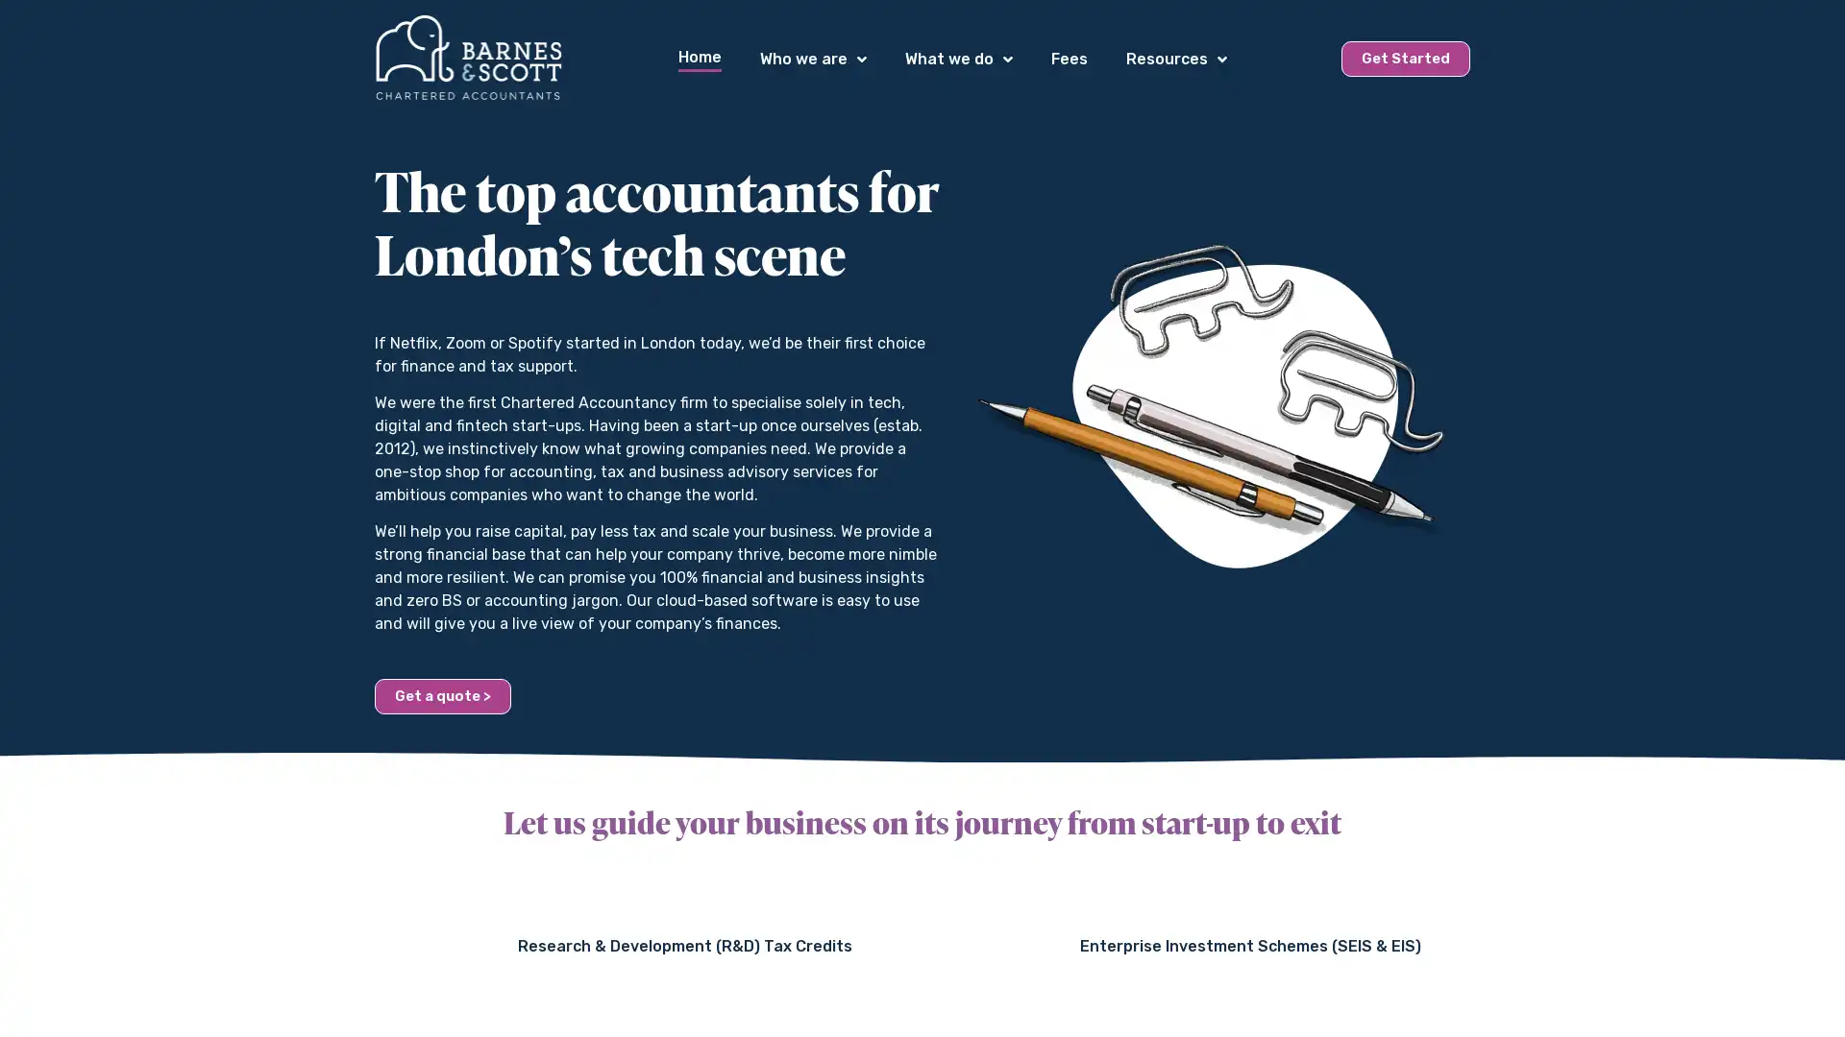  I want to click on Get Started, so click(1406, 58).